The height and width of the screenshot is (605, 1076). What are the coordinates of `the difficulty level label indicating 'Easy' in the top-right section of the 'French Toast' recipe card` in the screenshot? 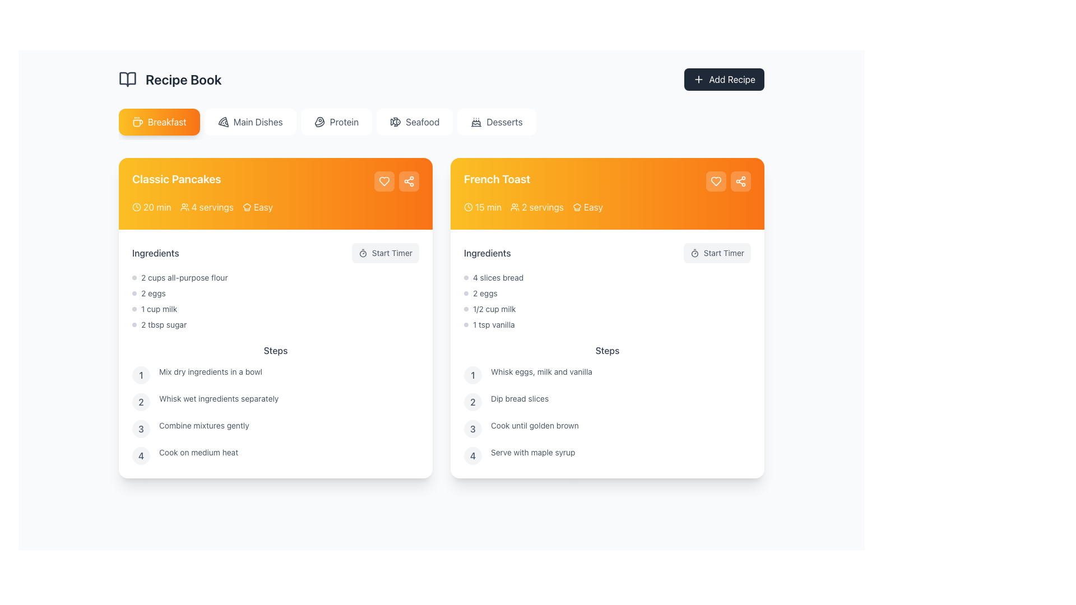 It's located at (587, 207).